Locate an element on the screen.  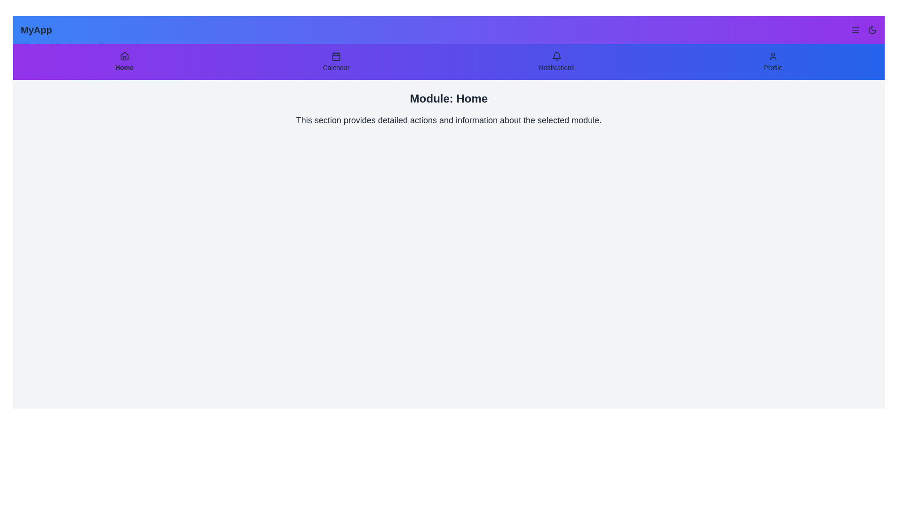
the text 'Module: Home' displayed in the main content area is located at coordinates (448, 98).